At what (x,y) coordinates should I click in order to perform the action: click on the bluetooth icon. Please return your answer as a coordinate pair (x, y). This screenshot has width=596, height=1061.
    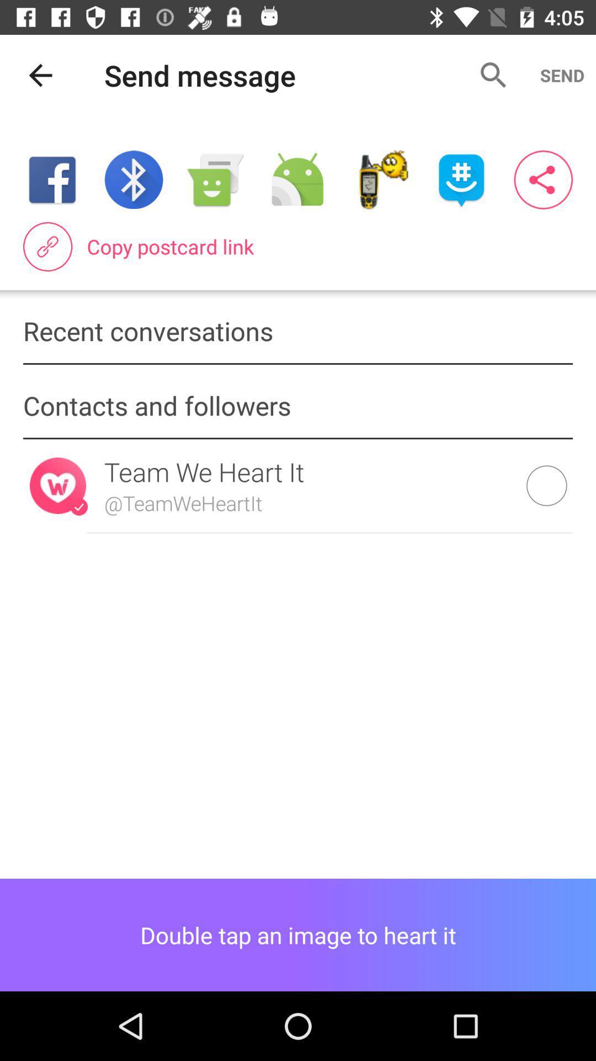
    Looking at the image, I should click on (133, 180).